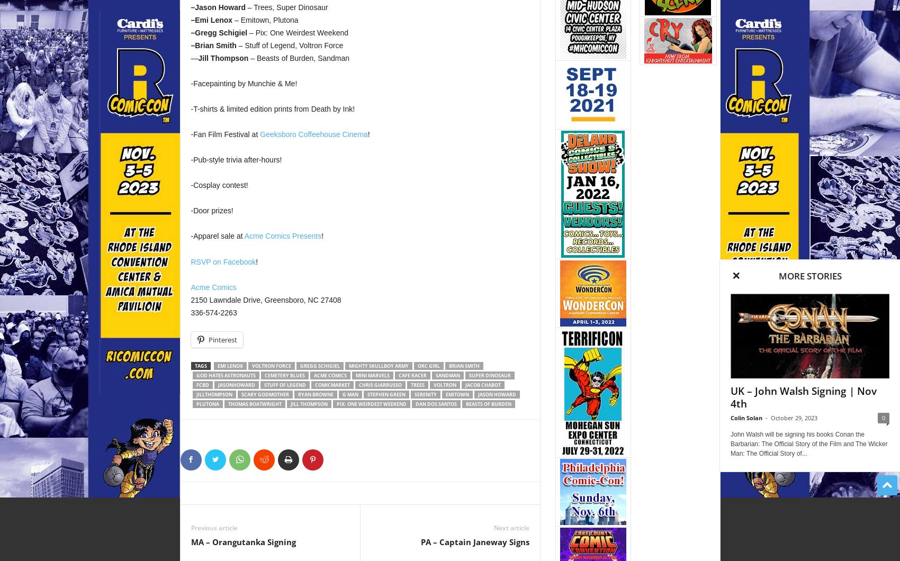 The image size is (900, 561). I want to click on 'Previous article', so click(213, 527).